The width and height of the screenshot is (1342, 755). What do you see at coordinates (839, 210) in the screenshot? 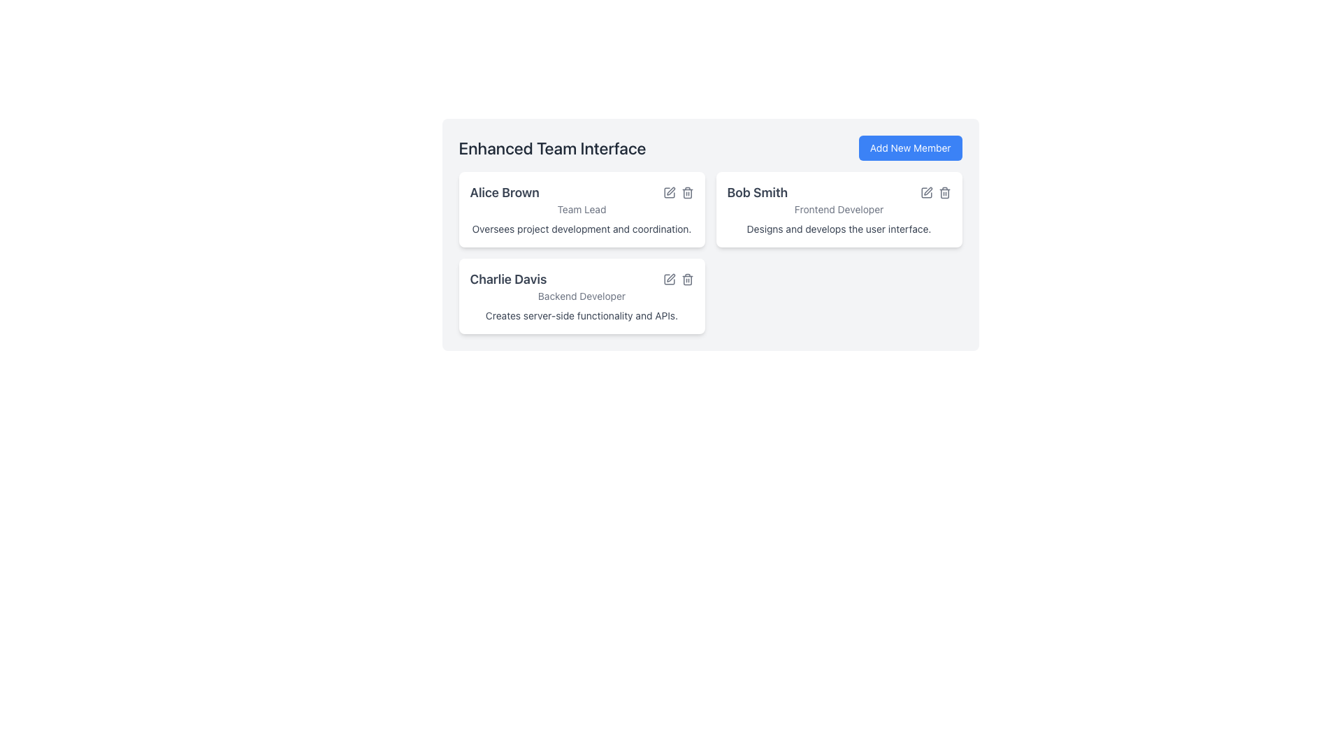
I see `the Card component displaying details about team member Bob Smith, which is located between the cards for Alice Brown and Charlie Davis in the upper-right of the grid layout` at bounding box center [839, 210].